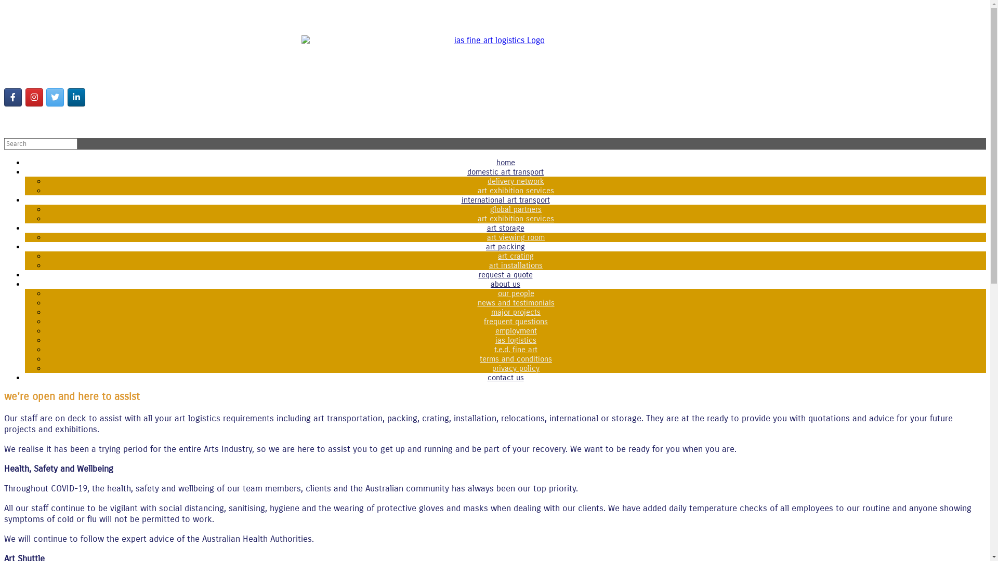 The width and height of the screenshot is (998, 561). Describe the element at coordinates (76, 97) in the screenshot. I see `'ias fine art logistics on Linkedin'` at that location.